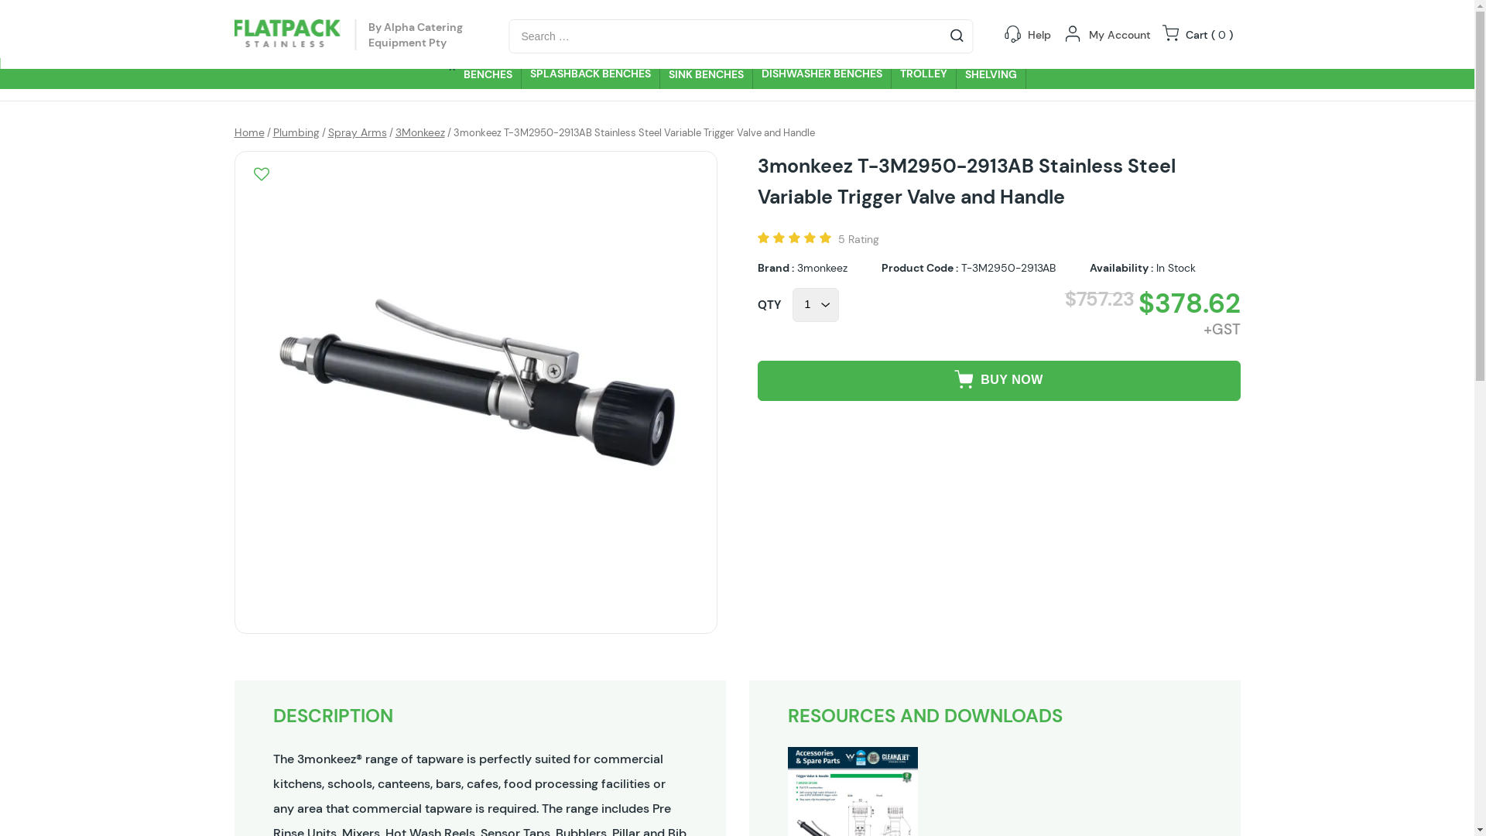  What do you see at coordinates (1118, 35) in the screenshot?
I see `'My Account'` at bounding box center [1118, 35].